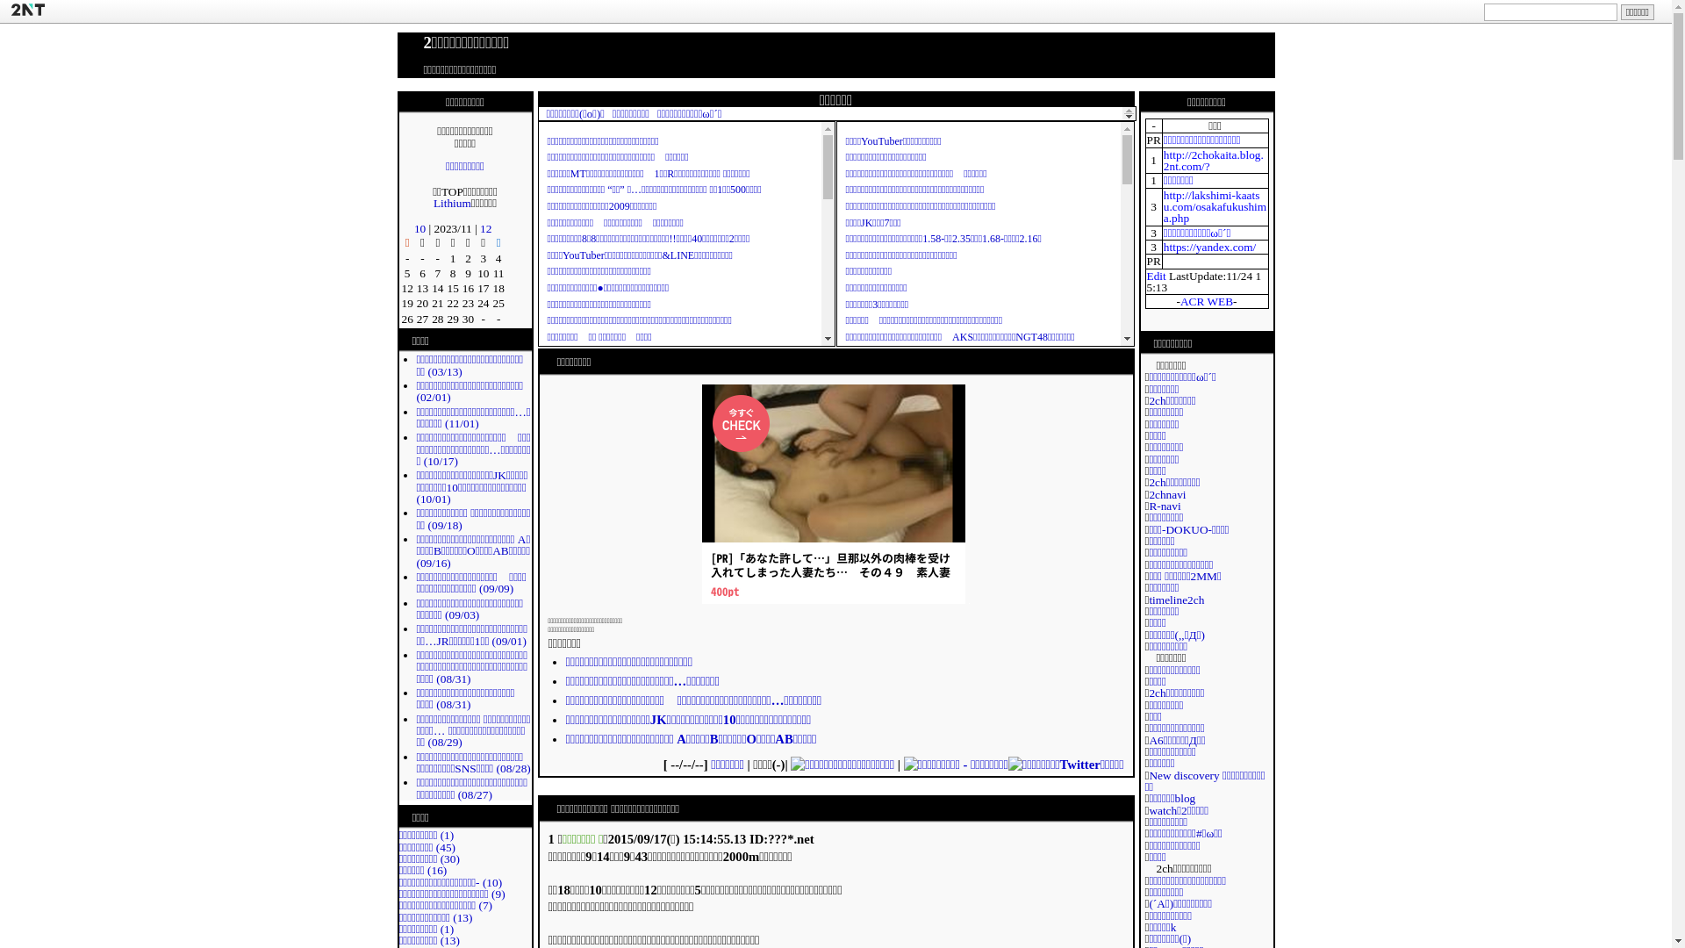  I want to click on 'http://lakshimi-kaatsu.com/osakafukushima.php', so click(1214, 205).